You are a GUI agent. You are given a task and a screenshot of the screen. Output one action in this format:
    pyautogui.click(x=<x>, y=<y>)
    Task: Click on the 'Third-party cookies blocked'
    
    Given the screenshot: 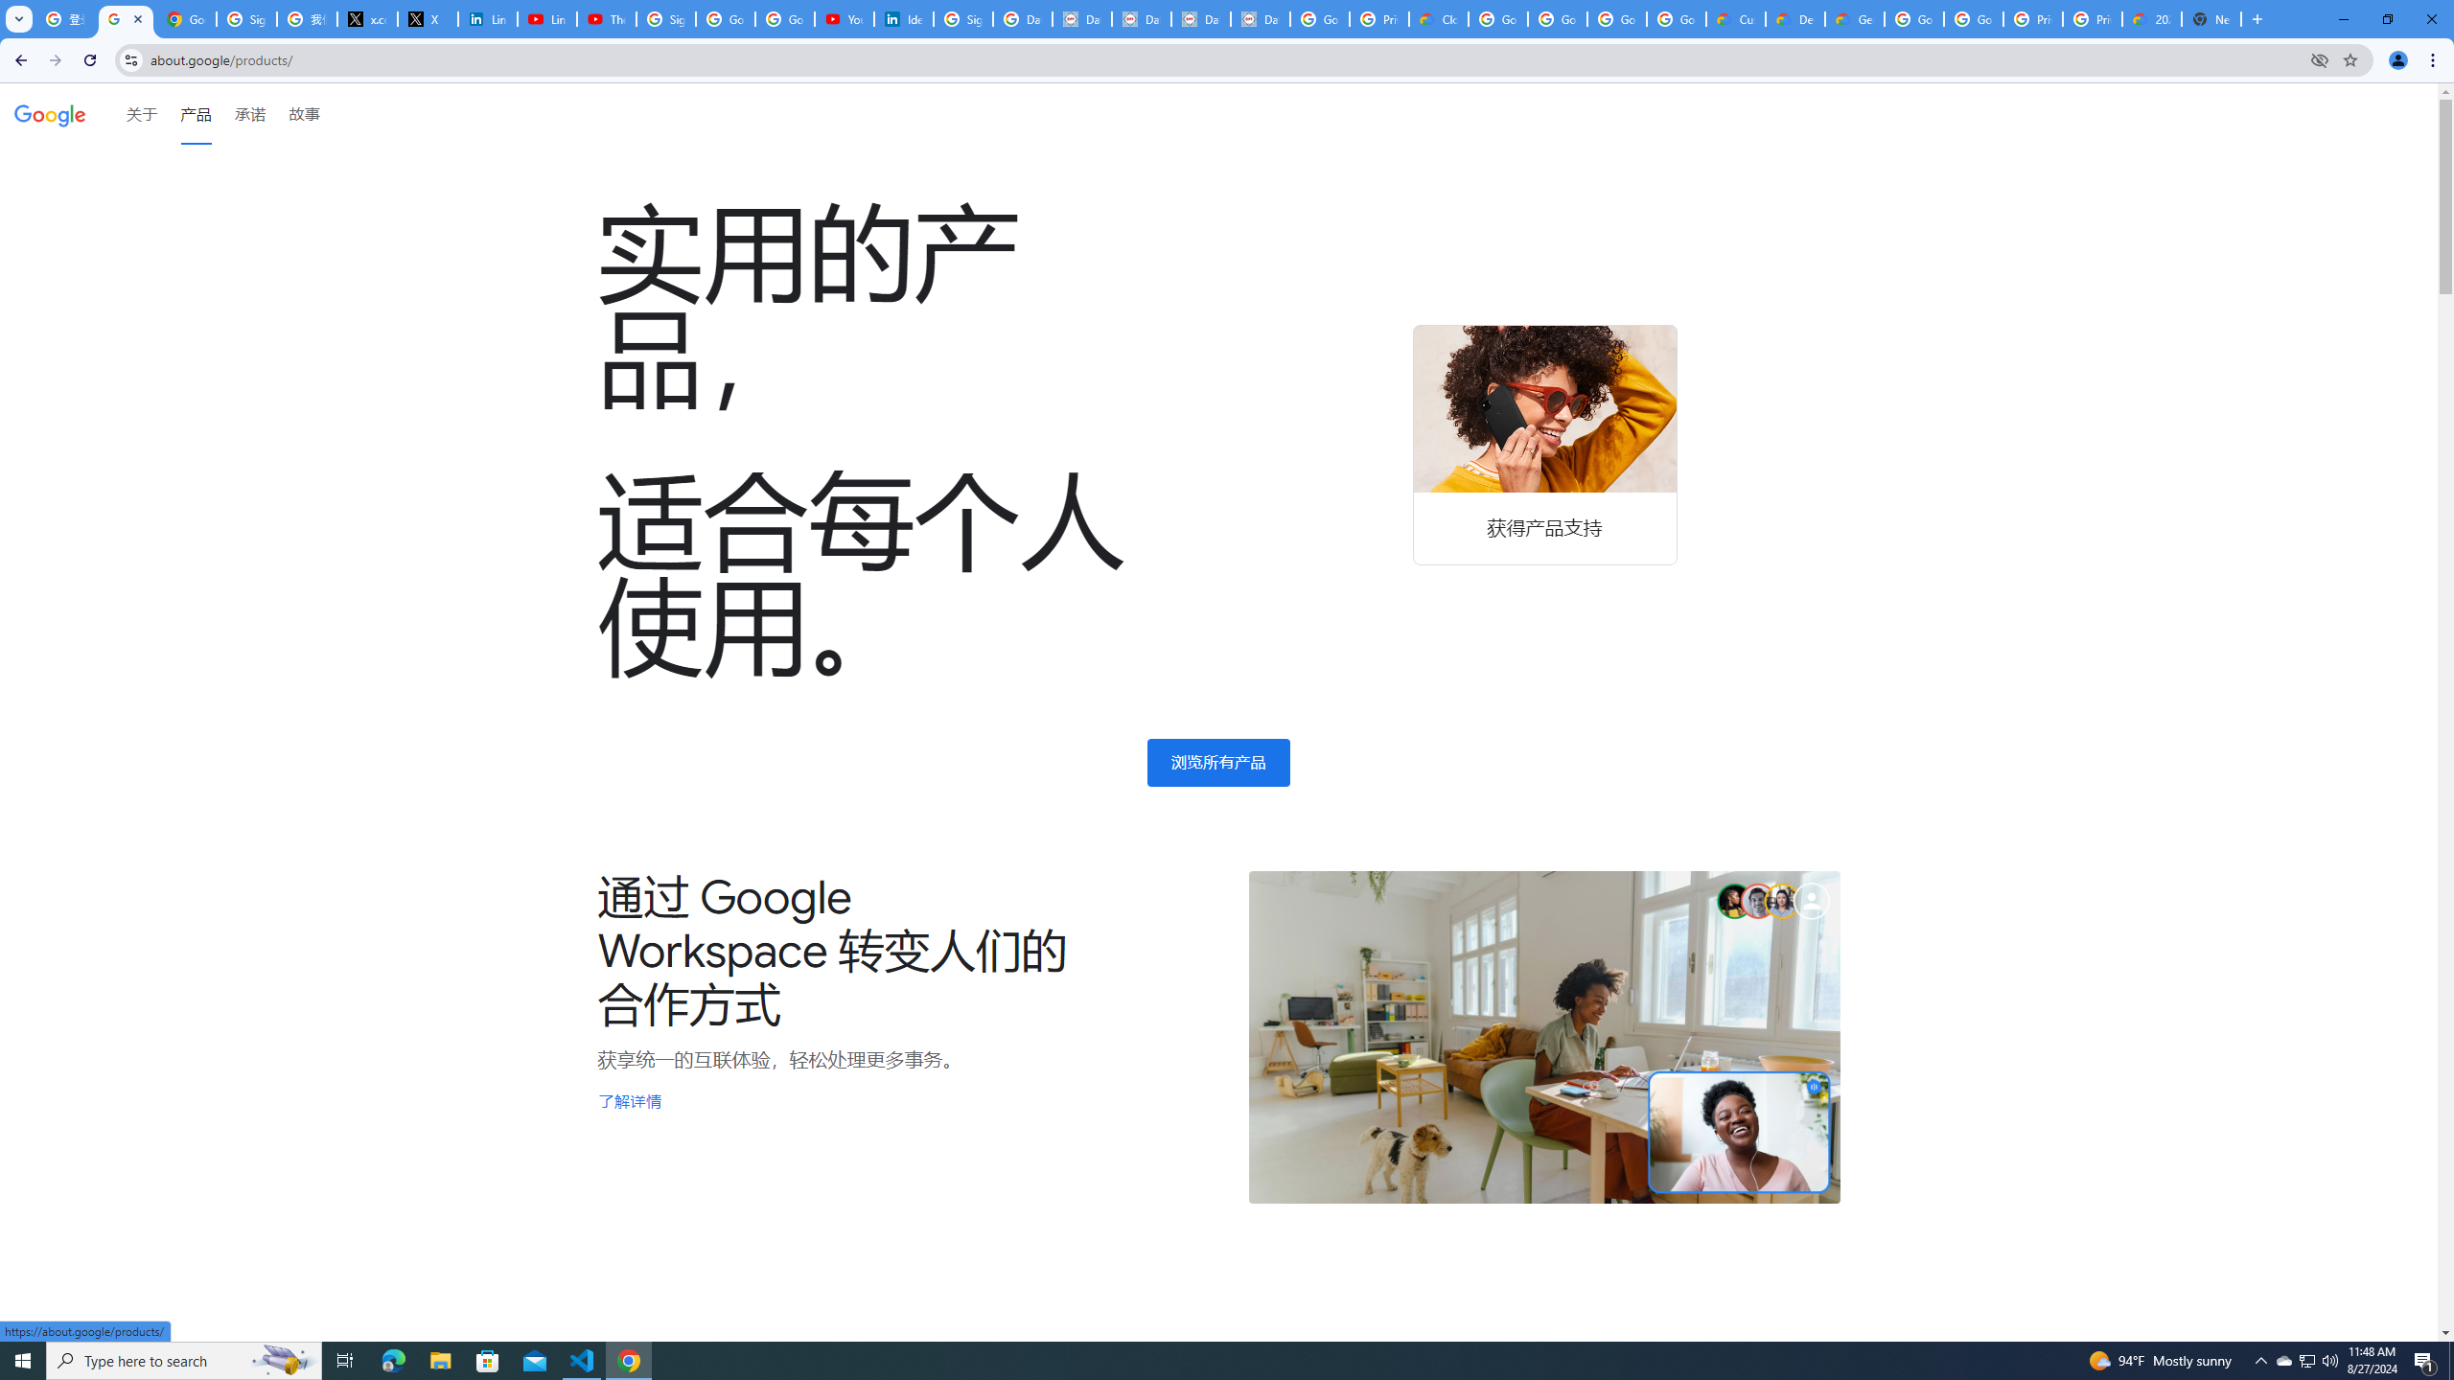 What is the action you would take?
    pyautogui.click(x=2320, y=58)
    